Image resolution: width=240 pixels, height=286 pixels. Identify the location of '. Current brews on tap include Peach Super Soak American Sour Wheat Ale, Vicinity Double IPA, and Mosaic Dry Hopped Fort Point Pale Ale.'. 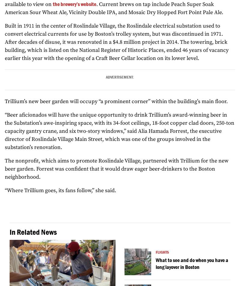
(114, 8).